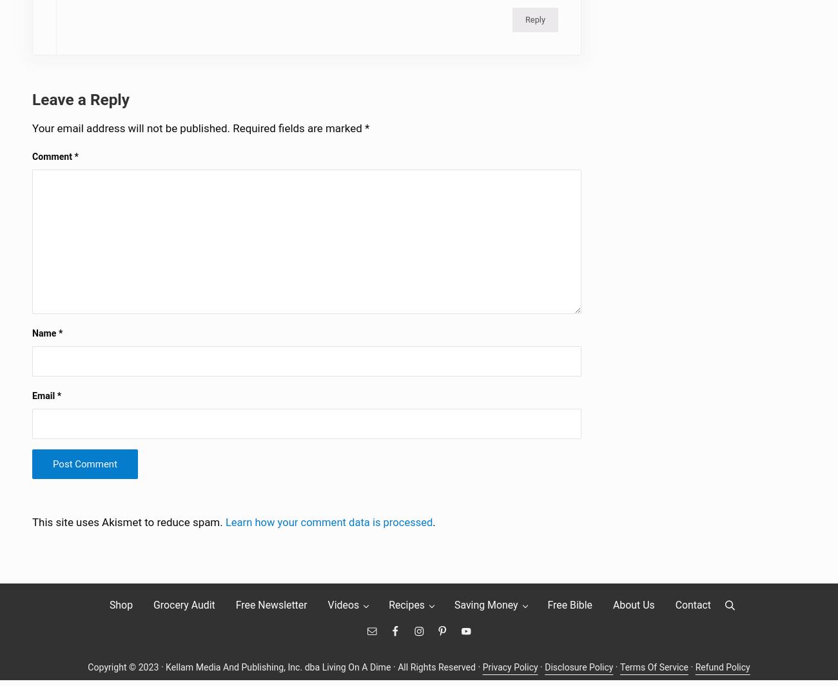  I want to click on 'This site uses Akismet to reduce spam.', so click(128, 529).